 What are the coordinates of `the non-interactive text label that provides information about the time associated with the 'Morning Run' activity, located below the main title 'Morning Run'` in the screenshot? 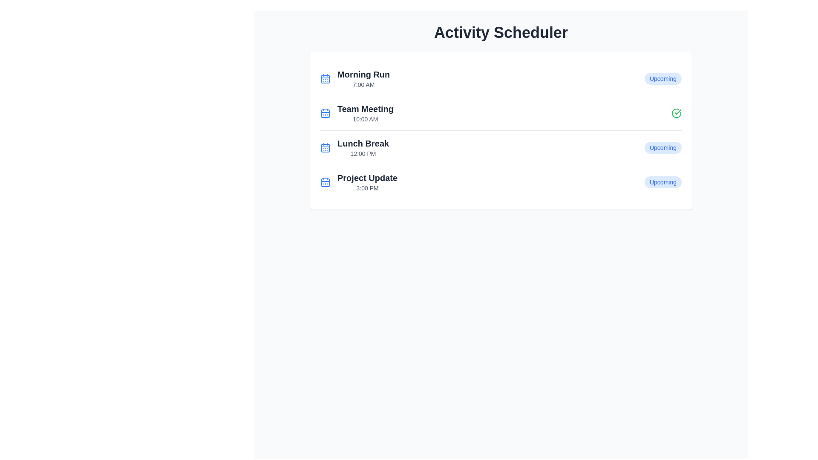 It's located at (363, 85).